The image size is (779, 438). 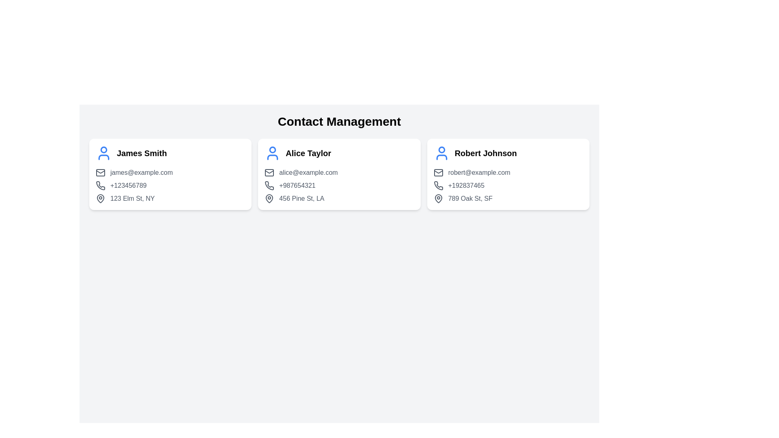 What do you see at coordinates (441, 150) in the screenshot?
I see `the decorative graphical component representing the head of the user in the profile image within the blue profile icon of the card labeled 'Robert Johnson'` at bounding box center [441, 150].